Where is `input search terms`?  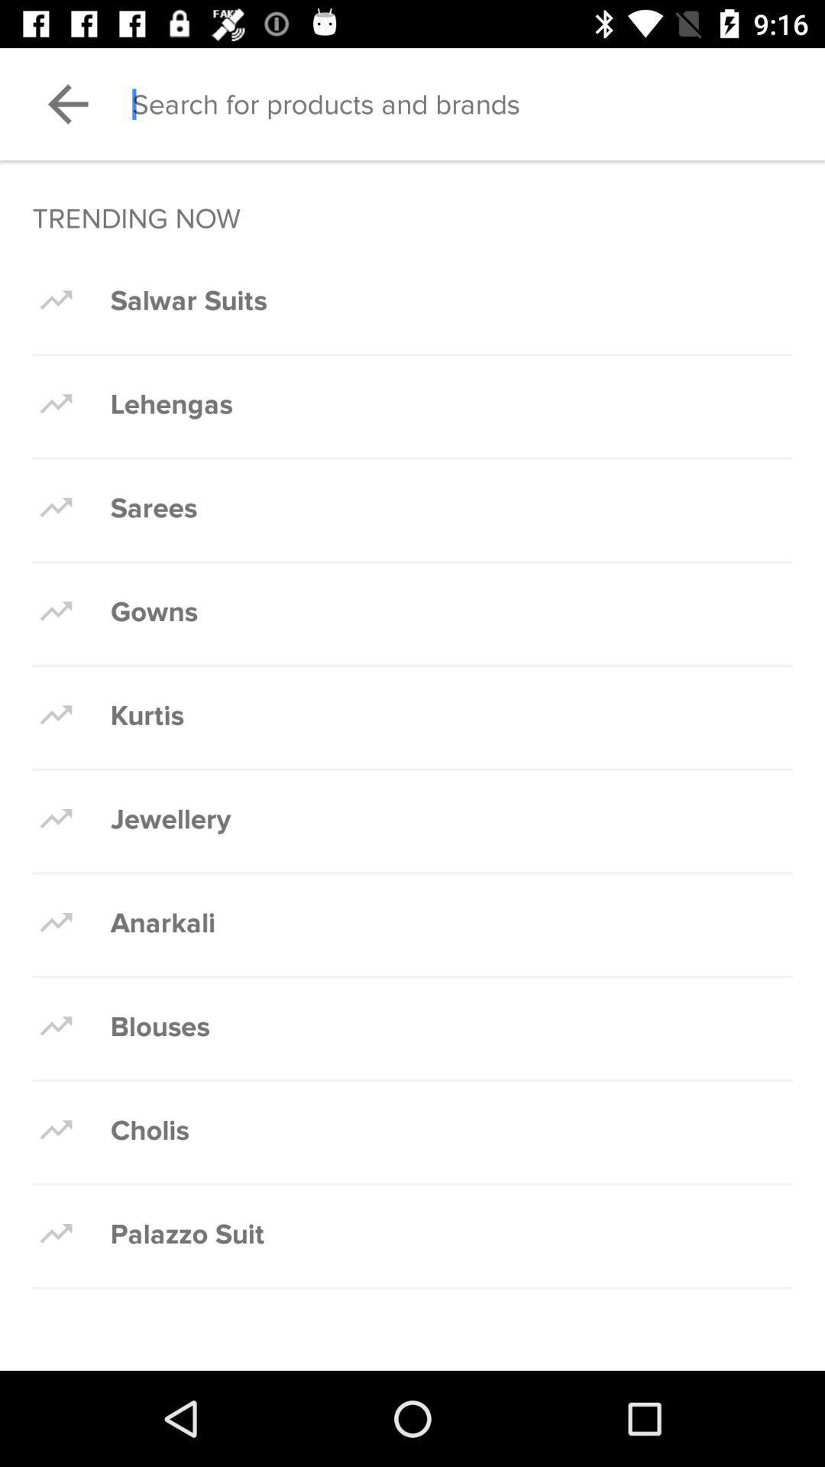 input search terms is located at coordinates (477, 103).